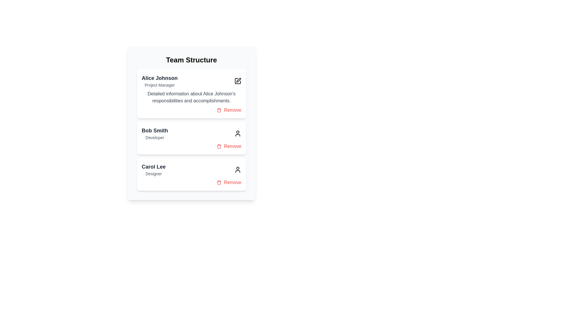 The height and width of the screenshot is (315, 561). I want to click on the header of the team member card to view detailed information about Carol Lee, so click(191, 170).